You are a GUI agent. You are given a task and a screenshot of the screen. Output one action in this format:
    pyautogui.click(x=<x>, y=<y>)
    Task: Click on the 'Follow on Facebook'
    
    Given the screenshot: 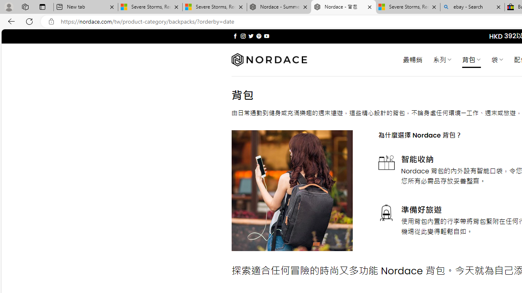 What is the action you would take?
    pyautogui.click(x=235, y=36)
    